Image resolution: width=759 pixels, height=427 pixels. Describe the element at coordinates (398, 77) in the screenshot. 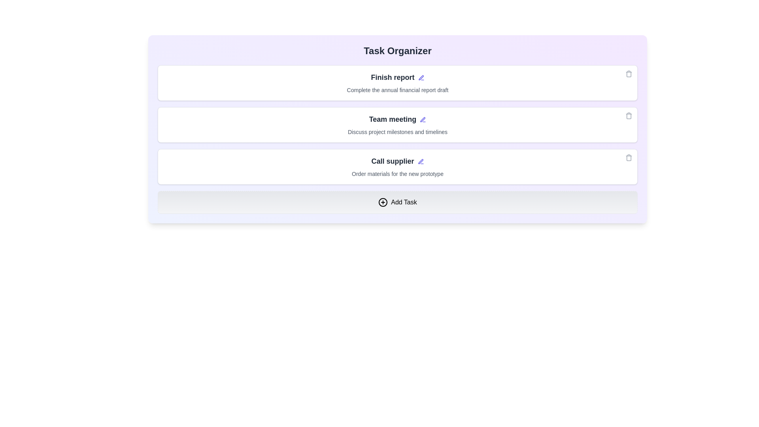

I see `the text of a task to select it for further actions` at that location.